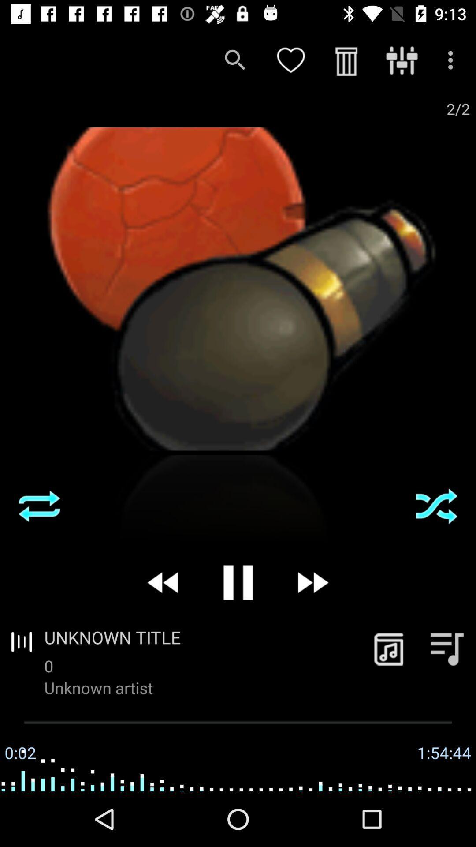 The image size is (476, 847). Describe the element at coordinates (238, 582) in the screenshot. I see `icon above unknown title` at that location.